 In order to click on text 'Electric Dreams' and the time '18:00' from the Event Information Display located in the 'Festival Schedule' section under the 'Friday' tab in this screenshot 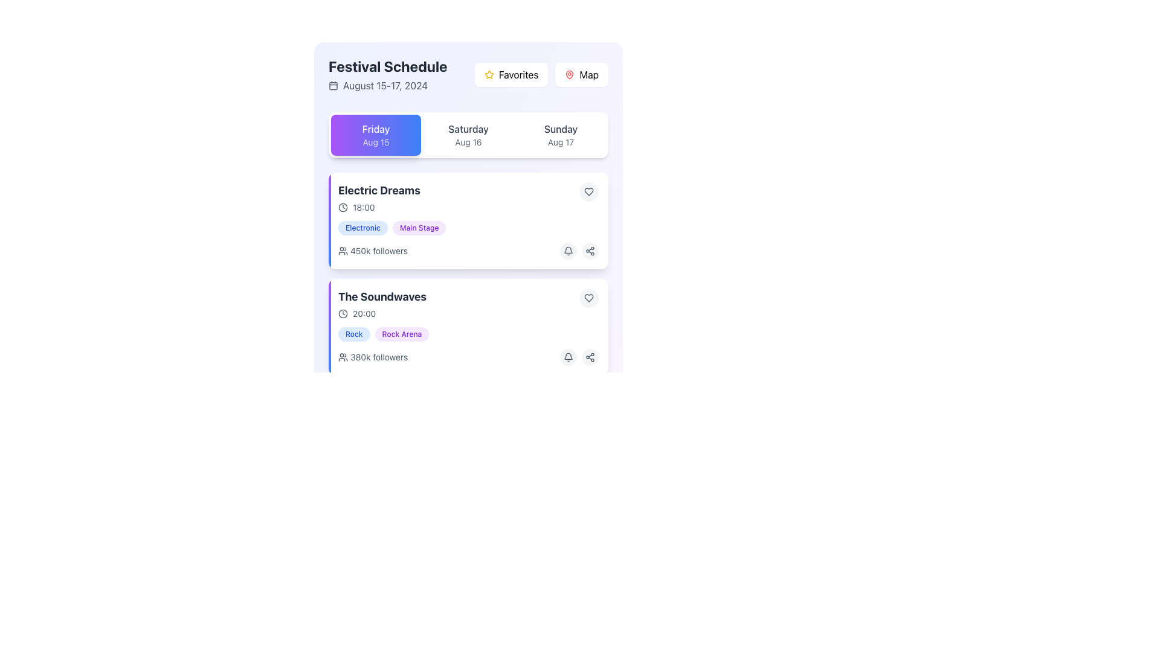, I will do `click(378, 197)`.